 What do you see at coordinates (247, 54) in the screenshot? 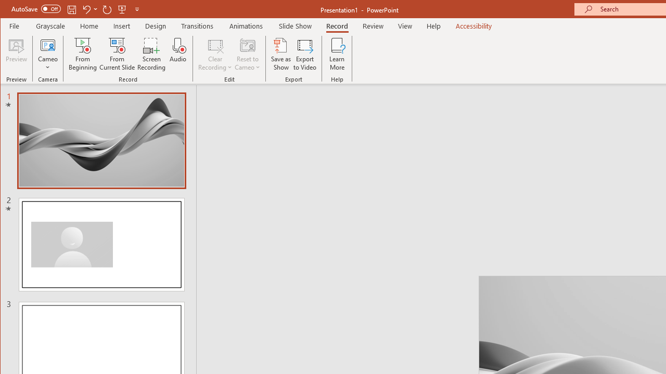
I see `'Reset to Cameo'` at bounding box center [247, 54].